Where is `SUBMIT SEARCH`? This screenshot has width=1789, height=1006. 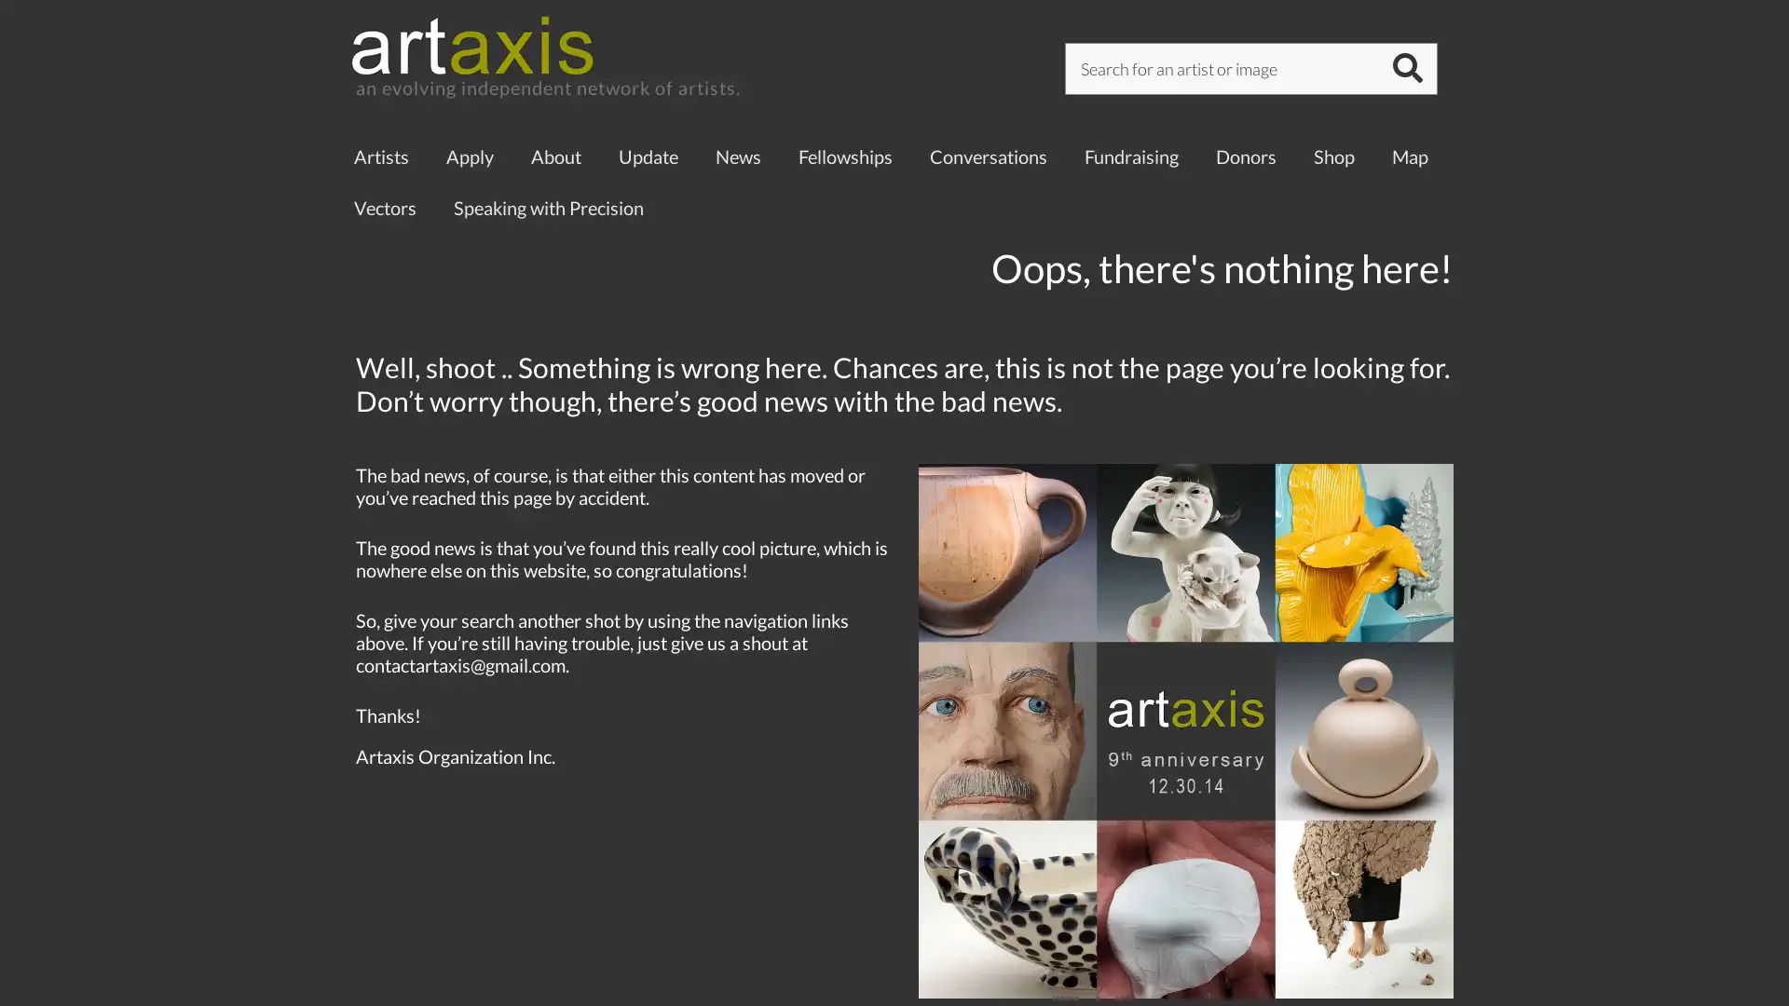 SUBMIT SEARCH is located at coordinates (1408, 67).